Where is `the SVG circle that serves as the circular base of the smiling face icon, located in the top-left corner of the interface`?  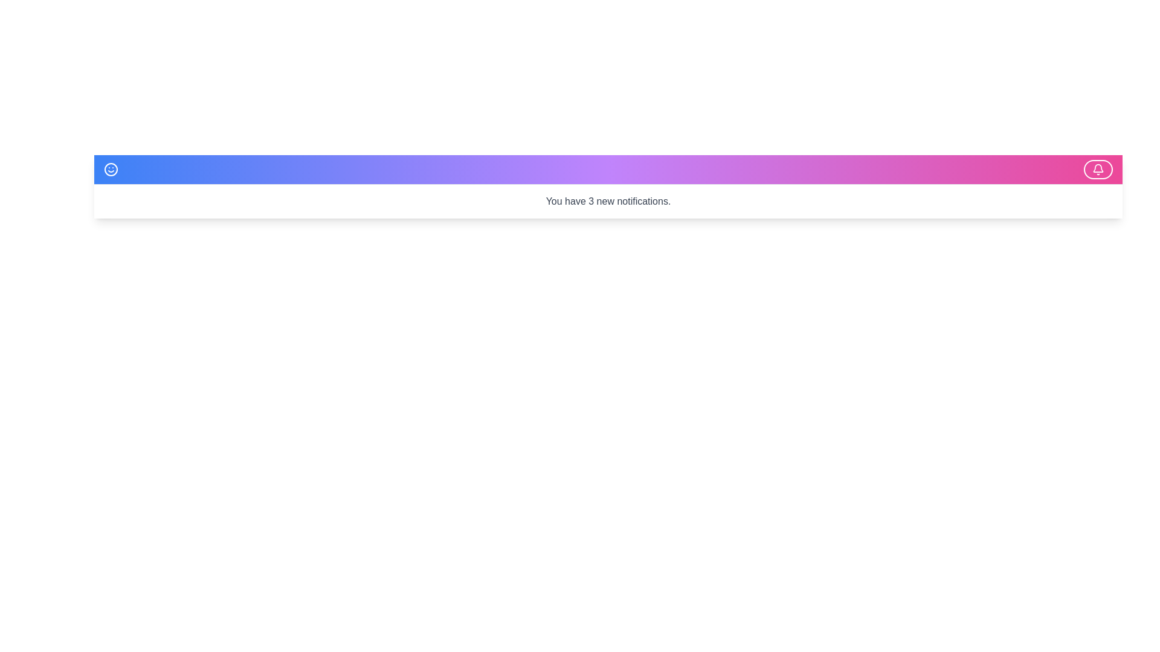
the SVG circle that serves as the circular base of the smiling face icon, located in the top-left corner of the interface is located at coordinates (111, 170).